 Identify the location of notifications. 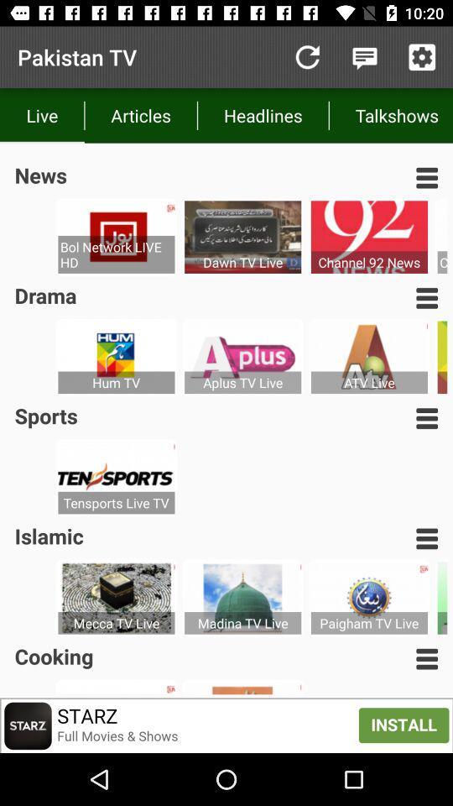
(364, 57).